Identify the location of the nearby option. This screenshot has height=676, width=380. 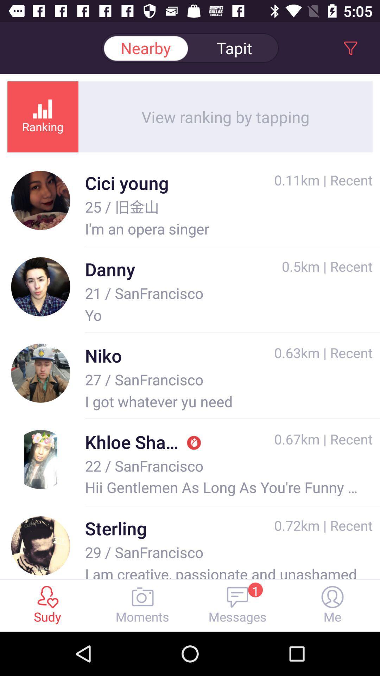
(145, 48).